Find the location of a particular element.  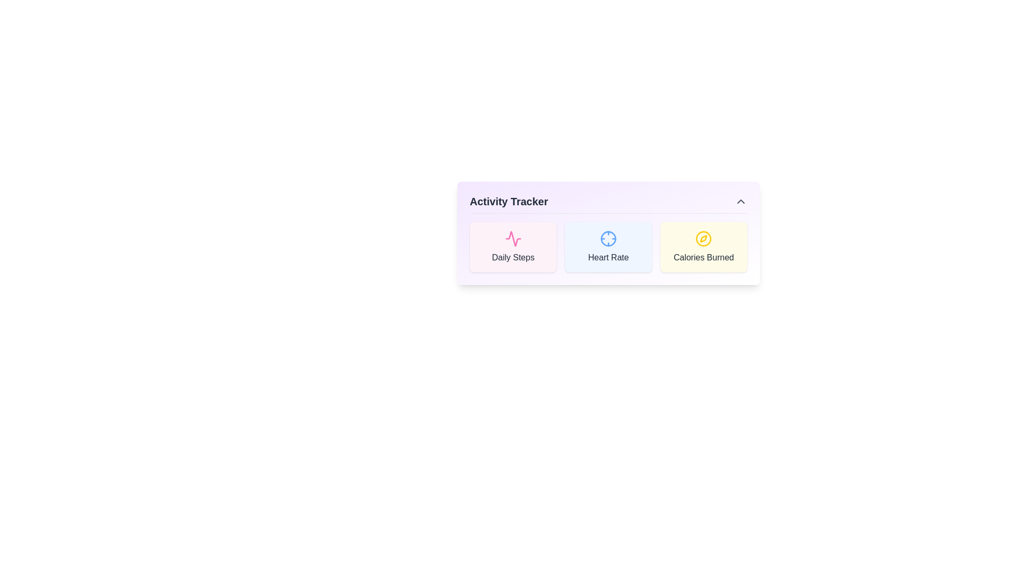

the 'Heart Rate' card, which is the second card in a row of three under the 'Activity Tracker' title, positioned between the 'Daily Steps' card and the 'Calories Burned' card is located at coordinates (608, 247).